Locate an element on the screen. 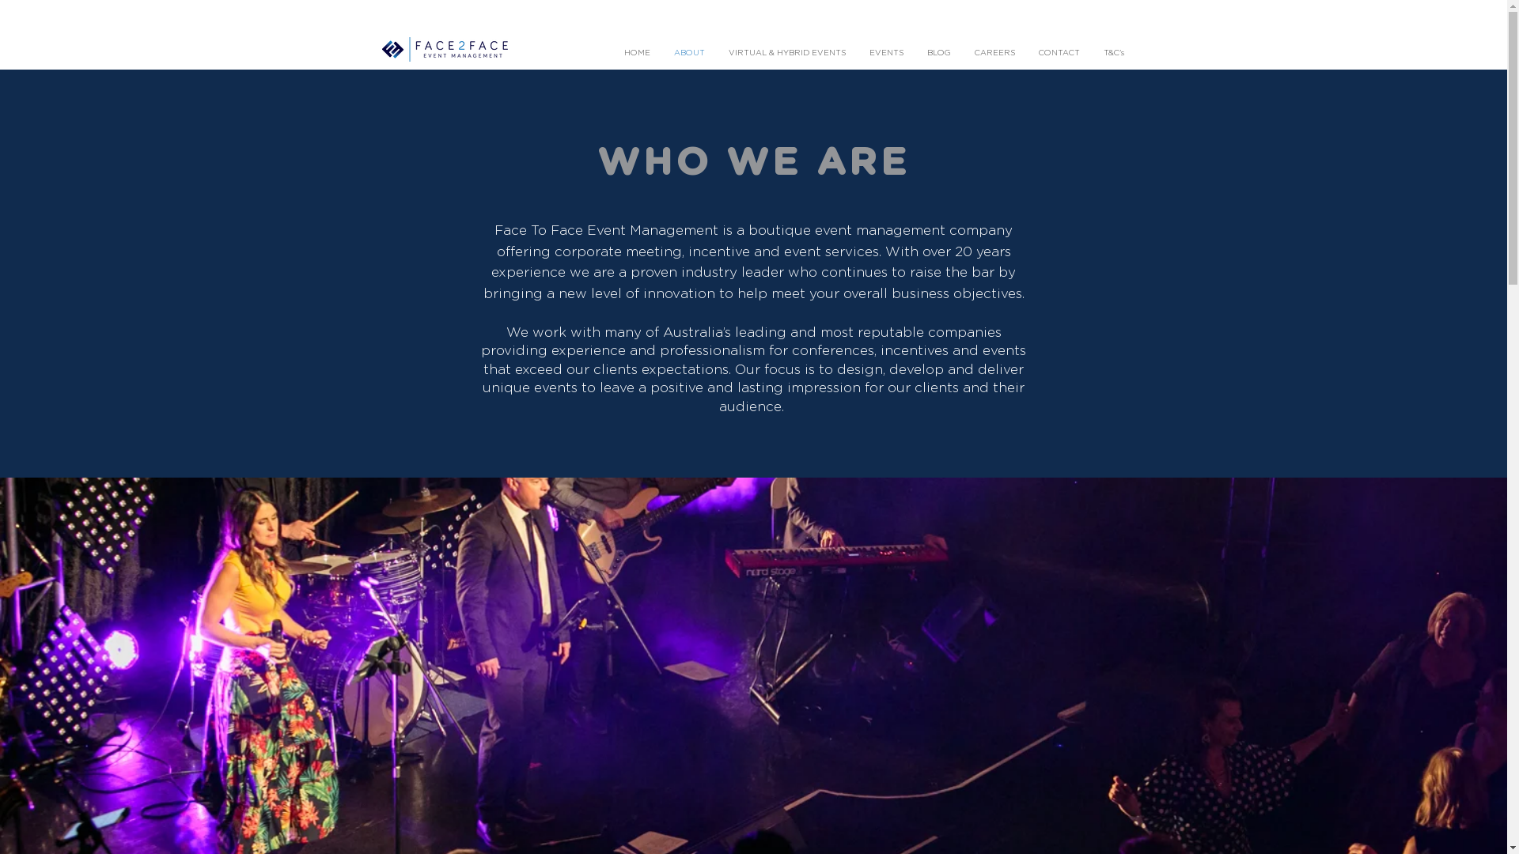 The image size is (1519, 854). 'T&C's' is located at coordinates (1112, 52).